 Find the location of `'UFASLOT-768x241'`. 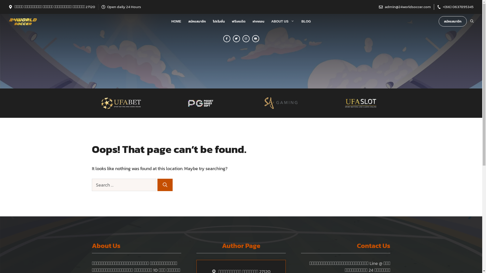

'UFASLOT-768x241' is located at coordinates (360, 103).